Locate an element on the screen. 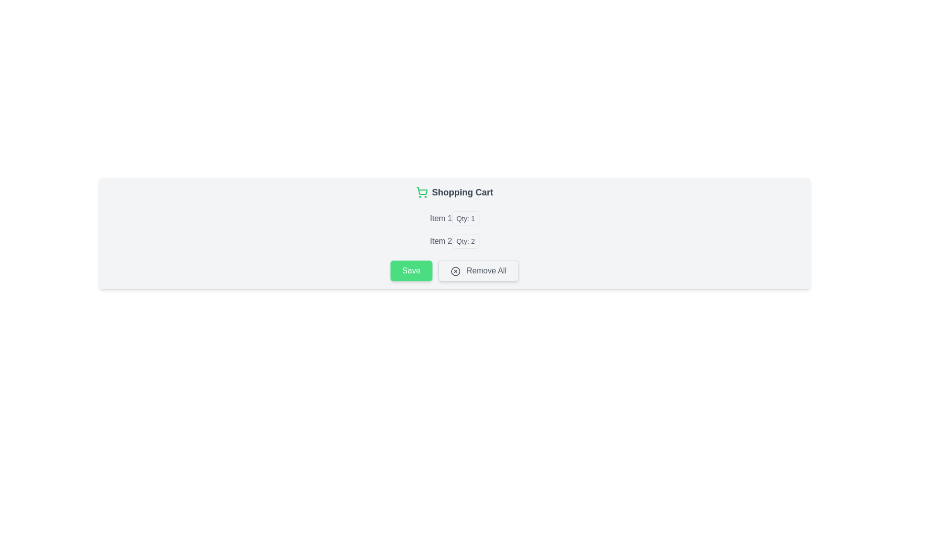  the remove action icon located on the left side of the 'Remove All' button is located at coordinates (455, 271).